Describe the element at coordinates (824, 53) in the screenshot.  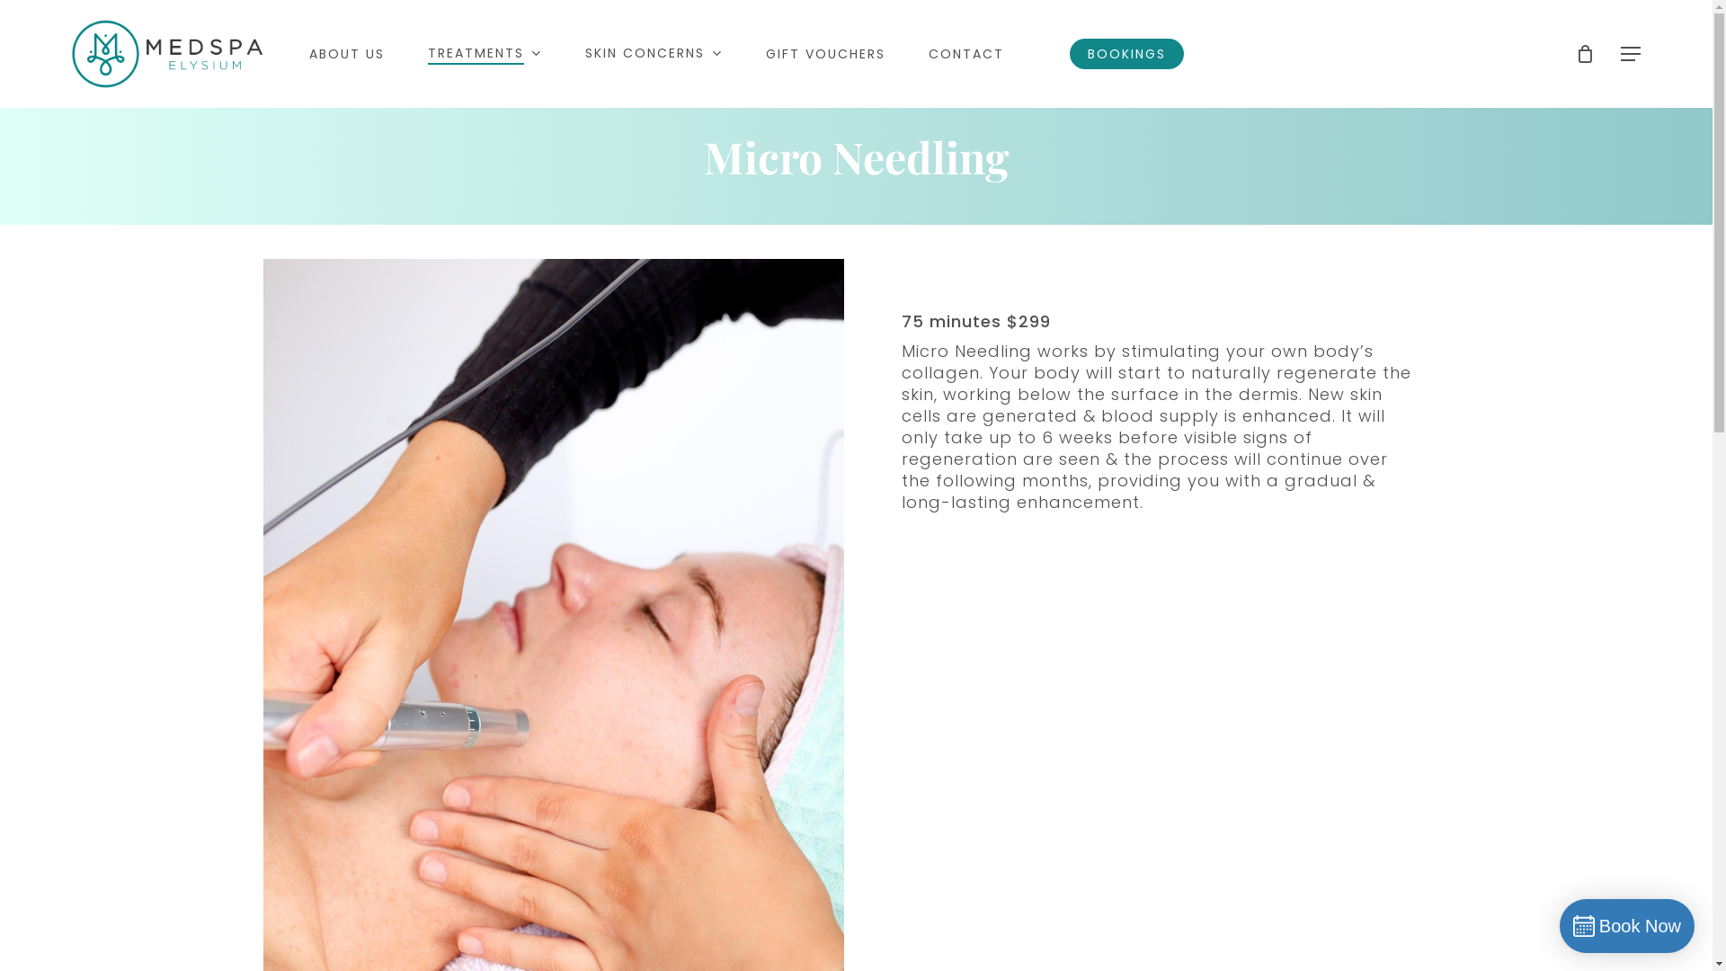
I see `'GIFT VOUCHERS'` at that location.